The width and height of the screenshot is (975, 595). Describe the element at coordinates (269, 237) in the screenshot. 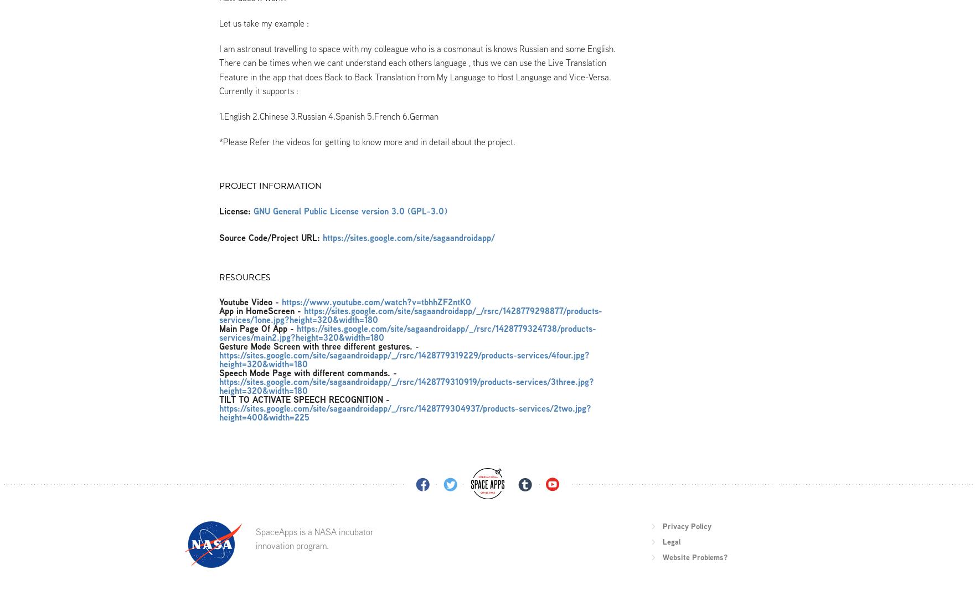

I see `'Source Code/Project URL:'` at that location.